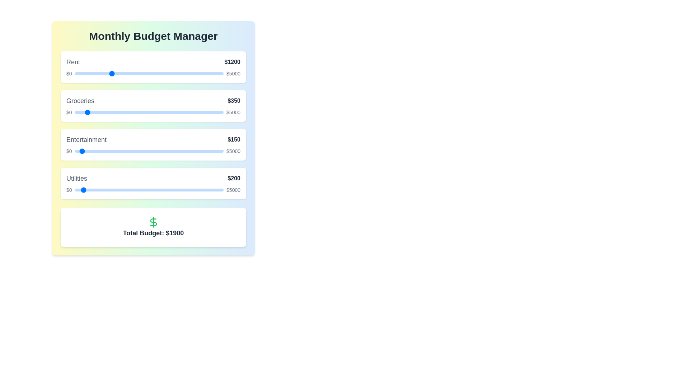 This screenshot has height=388, width=689. Describe the element at coordinates (217, 112) in the screenshot. I see `groceries budget` at that location.